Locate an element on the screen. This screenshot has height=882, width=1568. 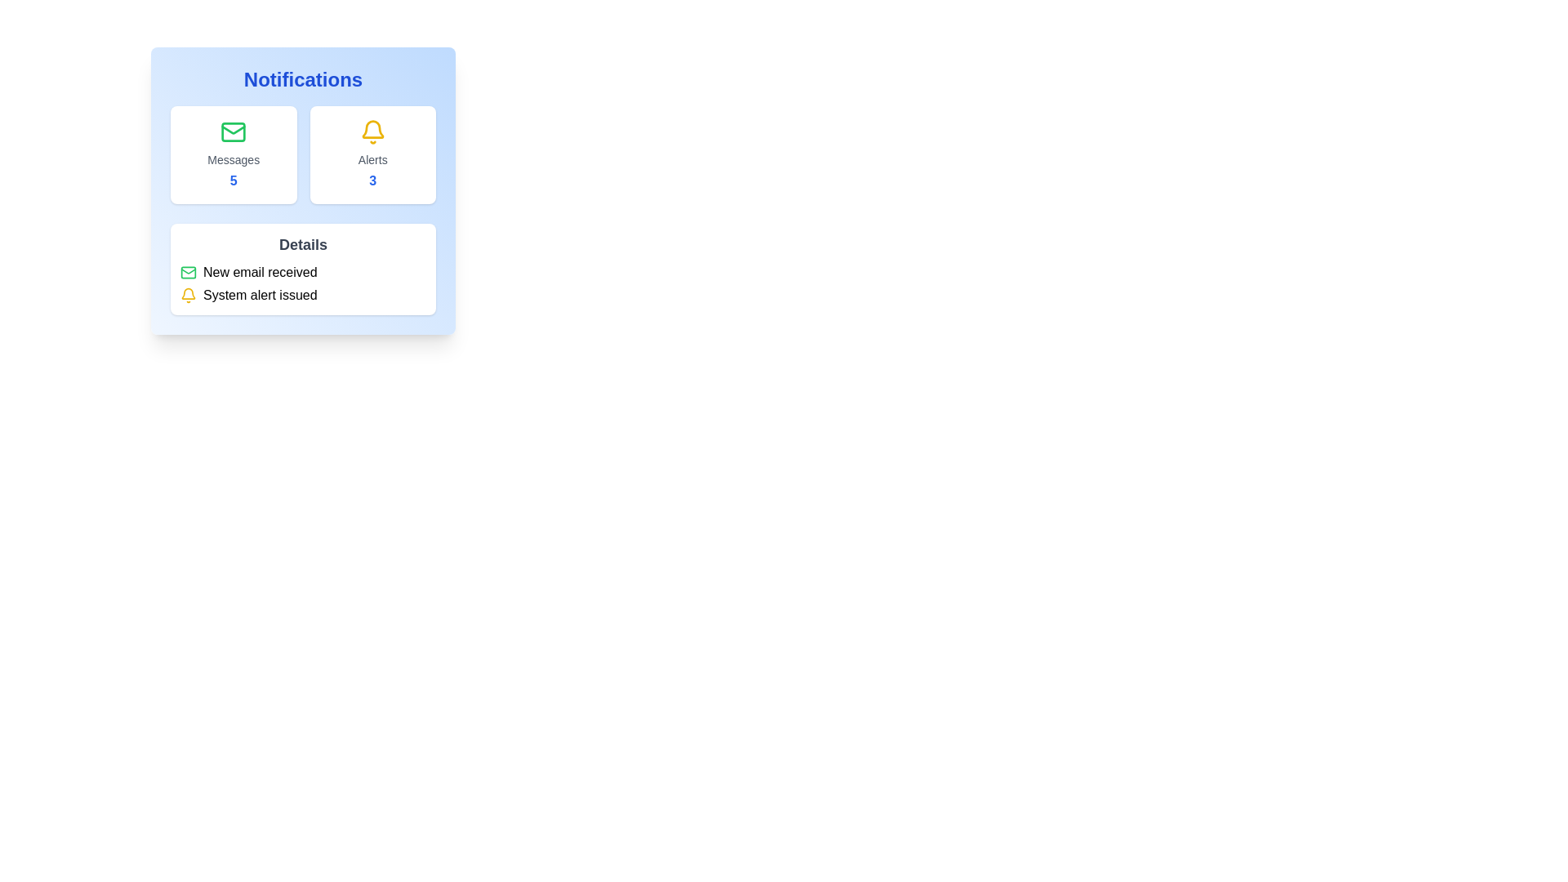
the notification item labeled 'New email received' to potentially open the email details is located at coordinates (303, 272).